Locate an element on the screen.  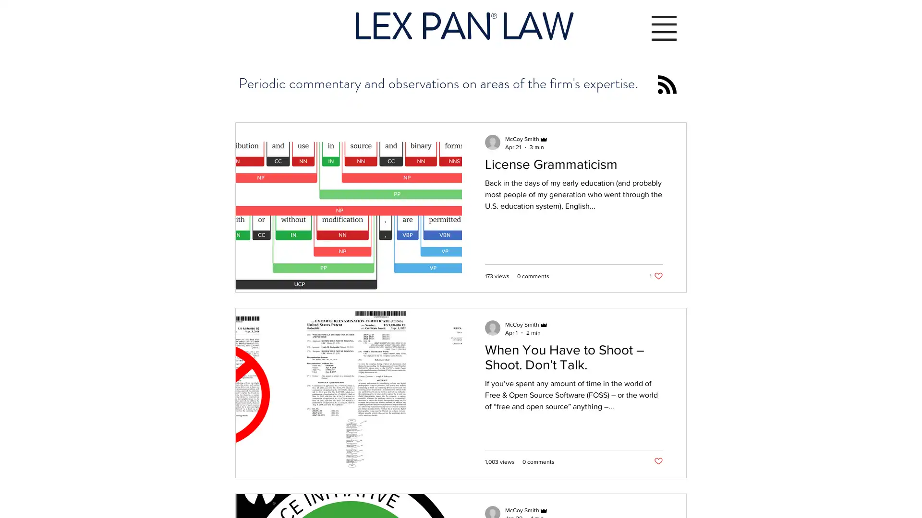
Post not marked as liked is located at coordinates (658, 461).